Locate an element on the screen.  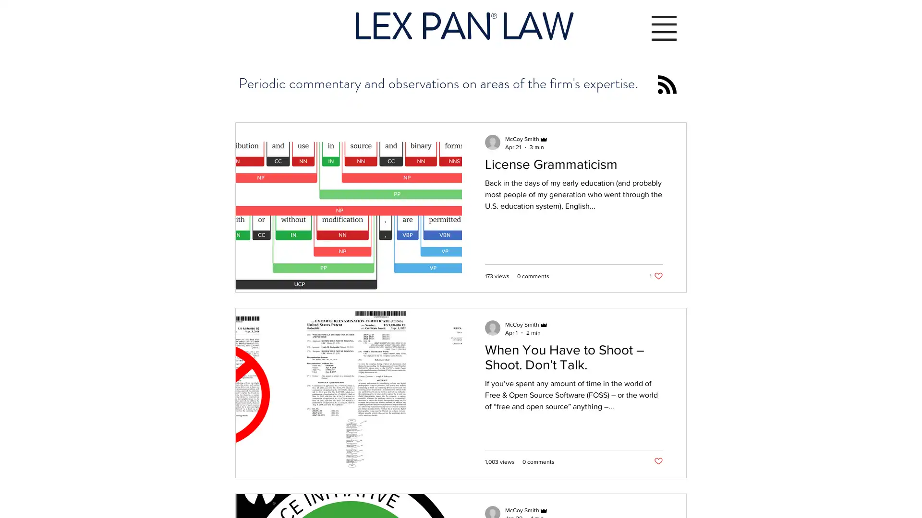
Post not marked as liked is located at coordinates (658, 461).